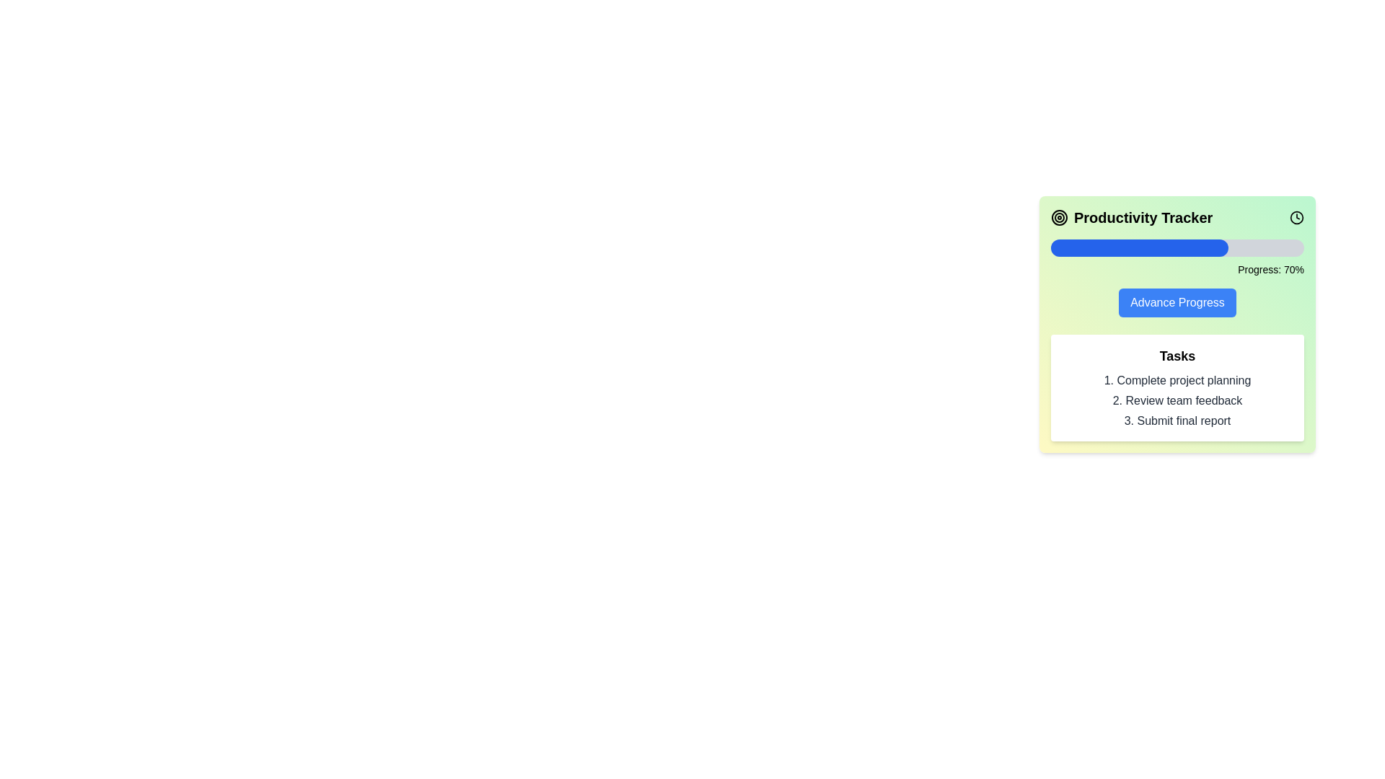  What do you see at coordinates (1131, 217) in the screenshot?
I see `the Text Label with Icon that serves as a header or title, positioned below the target icon and aligned horizontally with a clock icon` at bounding box center [1131, 217].